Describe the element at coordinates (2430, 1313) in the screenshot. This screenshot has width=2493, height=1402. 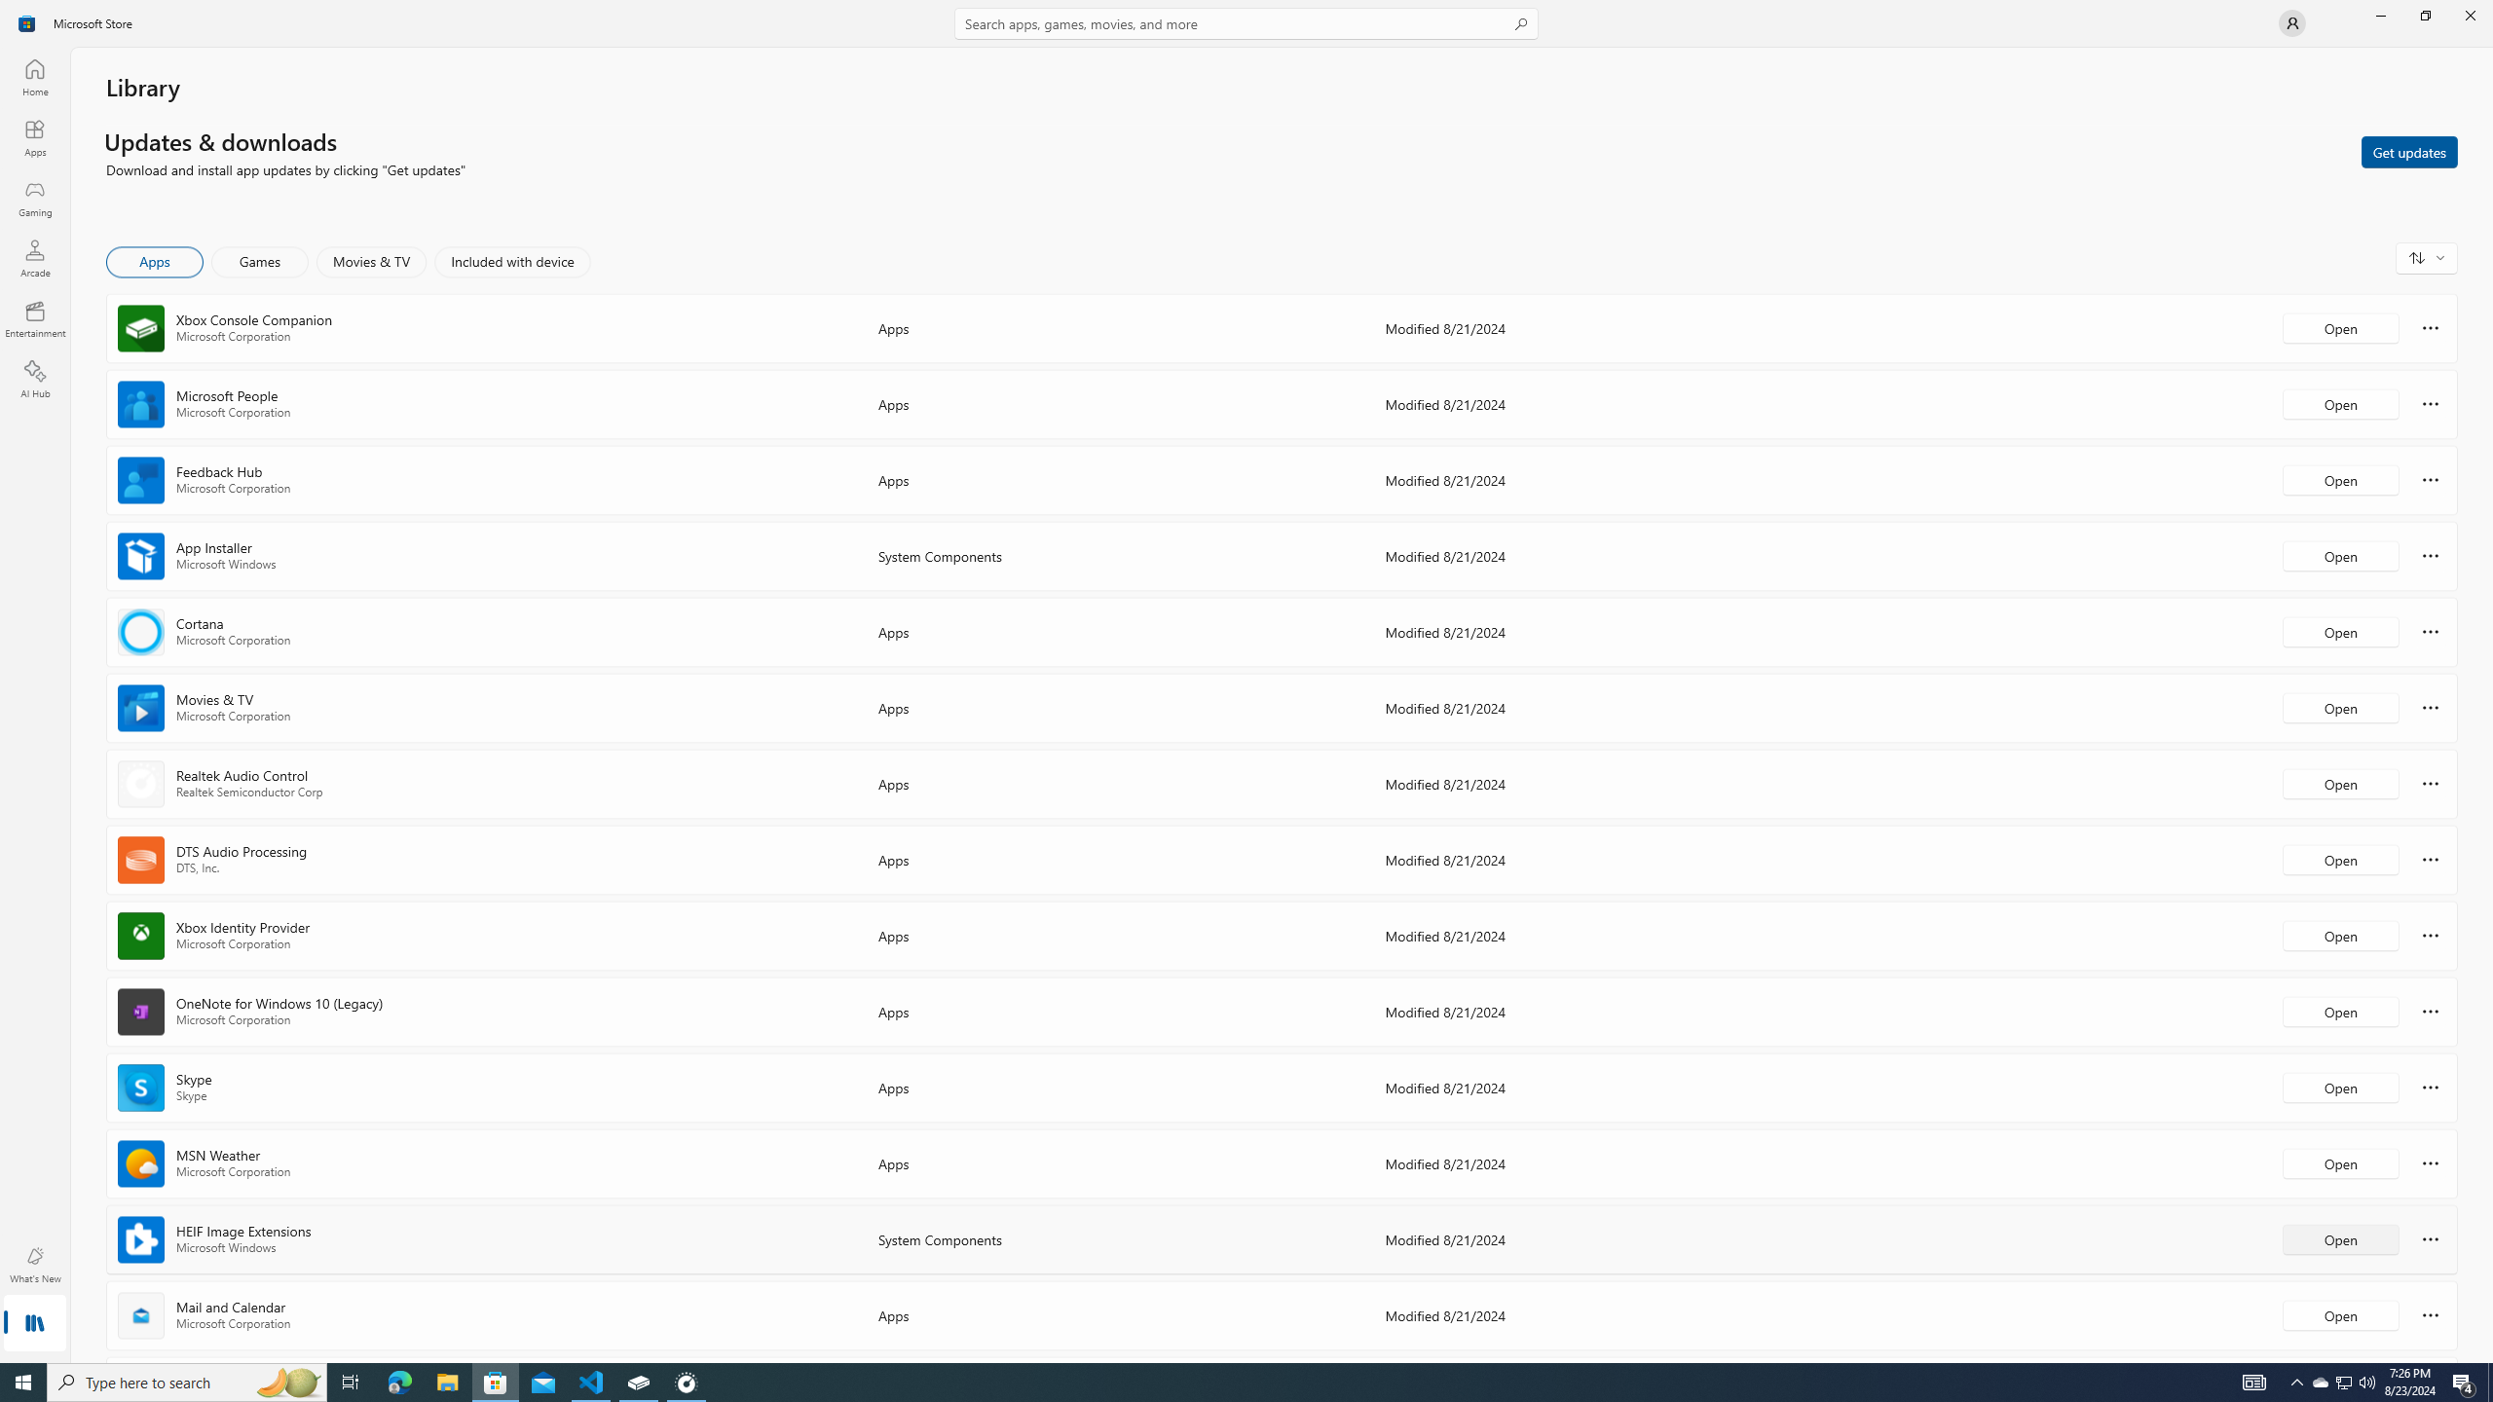
I see `'More options'` at that location.